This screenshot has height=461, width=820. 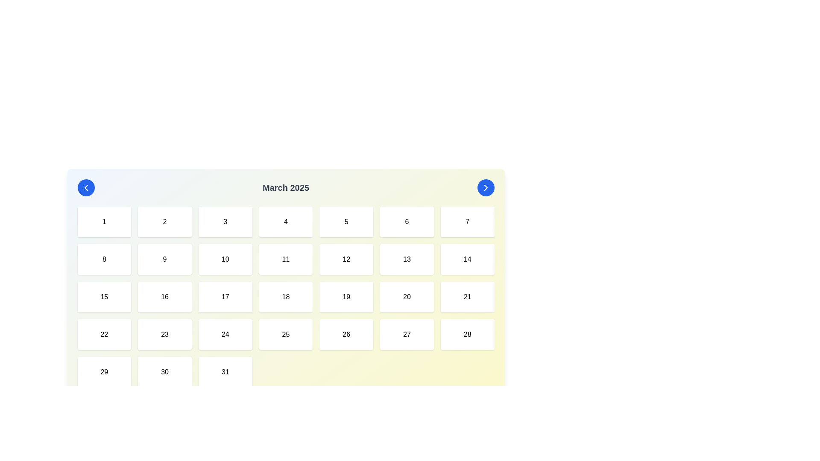 I want to click on the text label indicating the currently displayed month and year in the calendar interface, located centrally in the header section between navigation buttons, so click(x=286, y=187).